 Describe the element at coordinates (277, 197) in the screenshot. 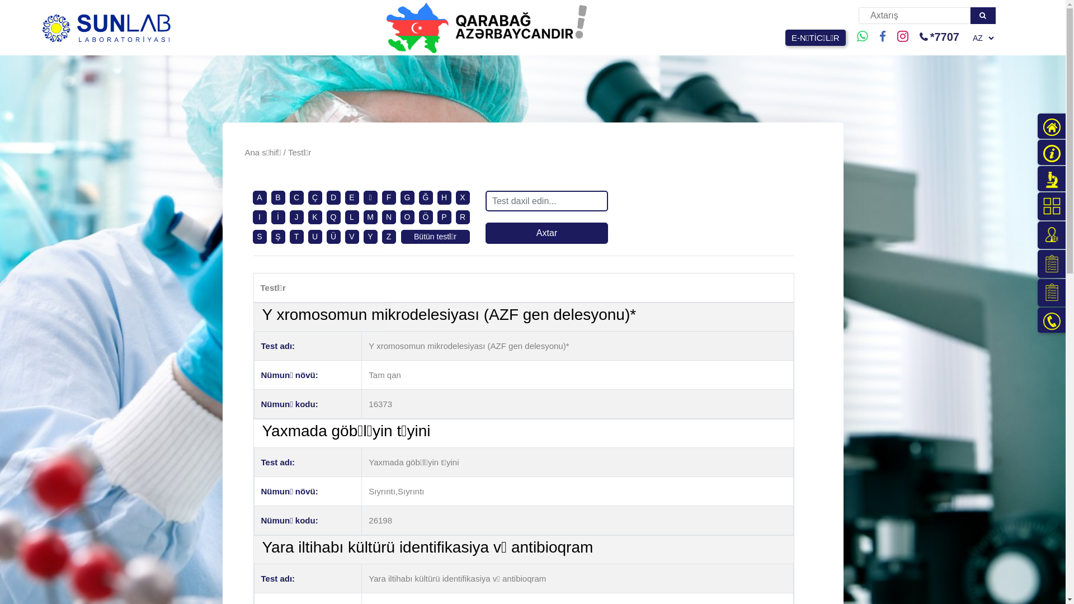

I see `'B'` at that location.